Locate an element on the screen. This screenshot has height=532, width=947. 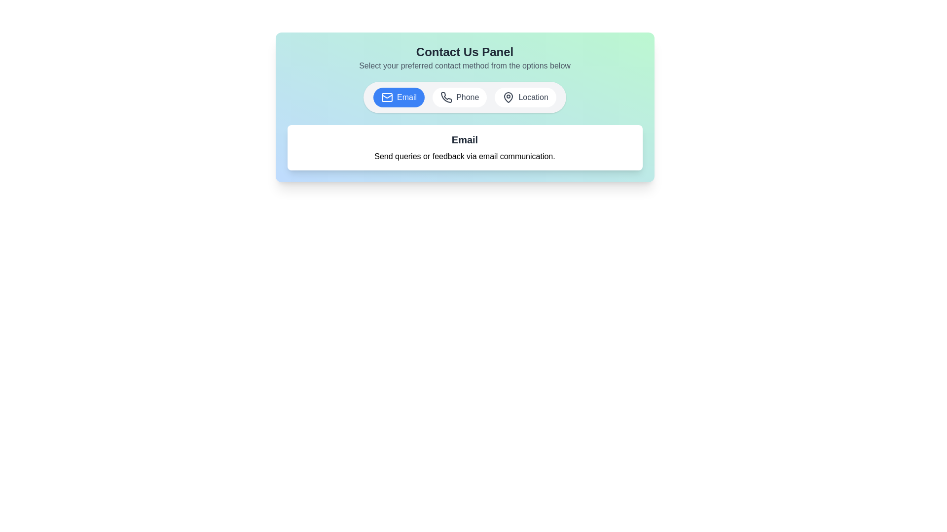
the 'Phone' button by clicking on the telephone icon, which is part of the 'Contact Us Panel' is located at coordinates (446, 97).